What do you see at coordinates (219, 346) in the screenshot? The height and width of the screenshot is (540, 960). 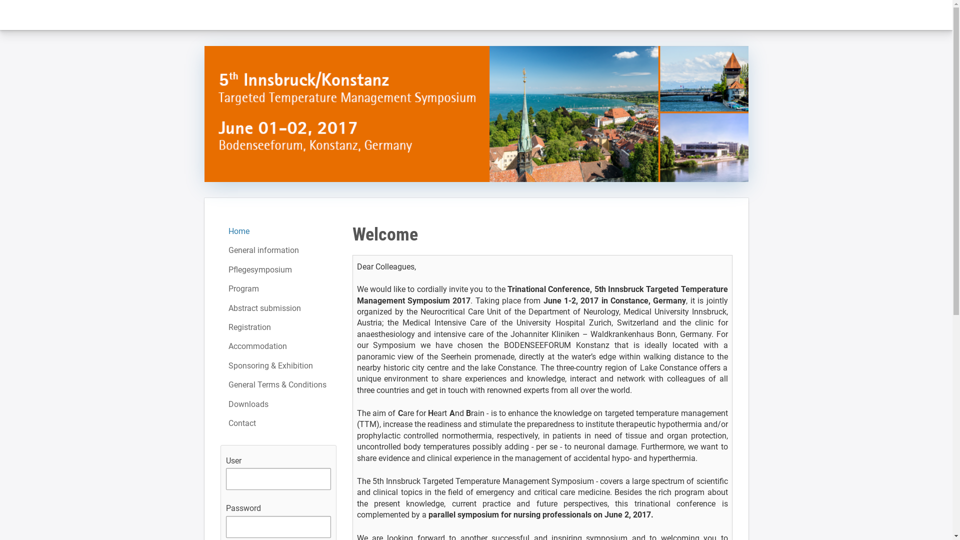 I see `'Accommodation'` at bounding box center [219, 346].